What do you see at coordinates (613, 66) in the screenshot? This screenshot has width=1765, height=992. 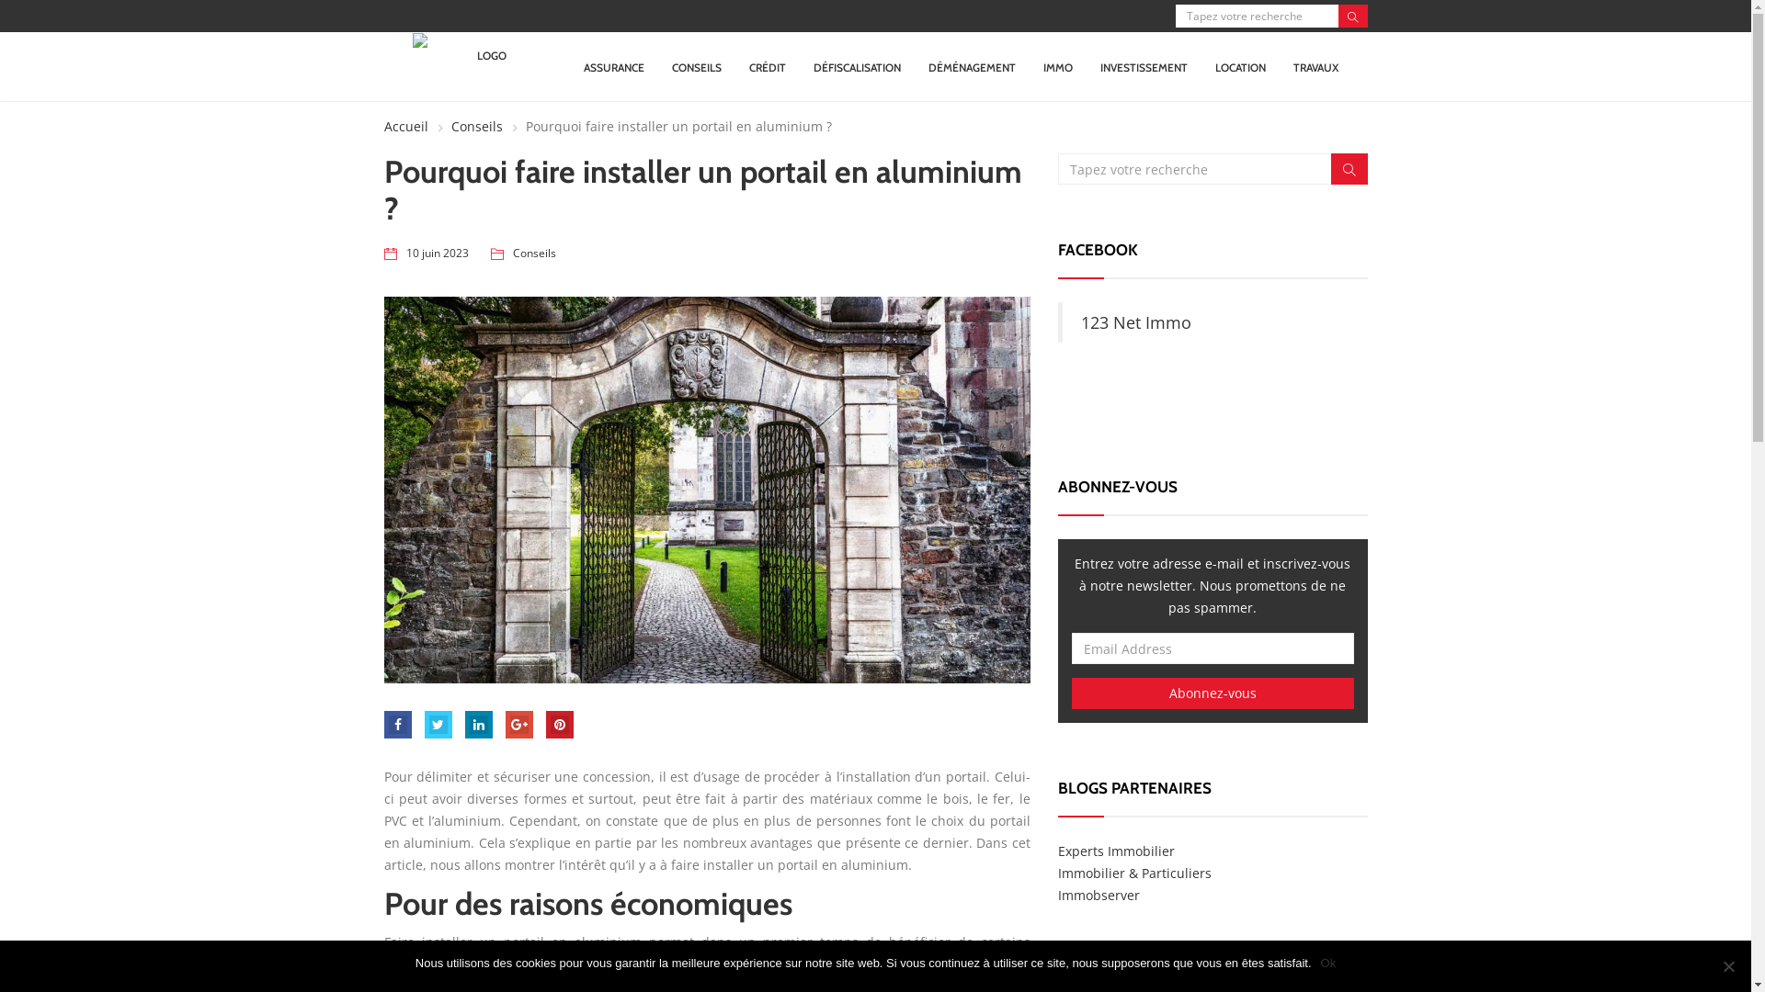 I see `'ASSURANCE'` at bounding box center [613, 66].